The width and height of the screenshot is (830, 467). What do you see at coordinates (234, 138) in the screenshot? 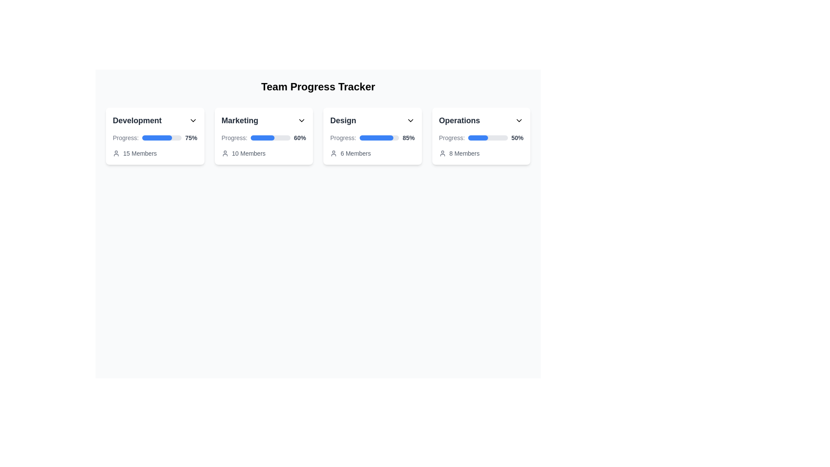
I see `the text label reading 'Progress:' which is styled with a smaller font size and gray color, positioned above a progress bar and a percentage label within the card labeled 'Marketing'` at bounding box center [234, 138].